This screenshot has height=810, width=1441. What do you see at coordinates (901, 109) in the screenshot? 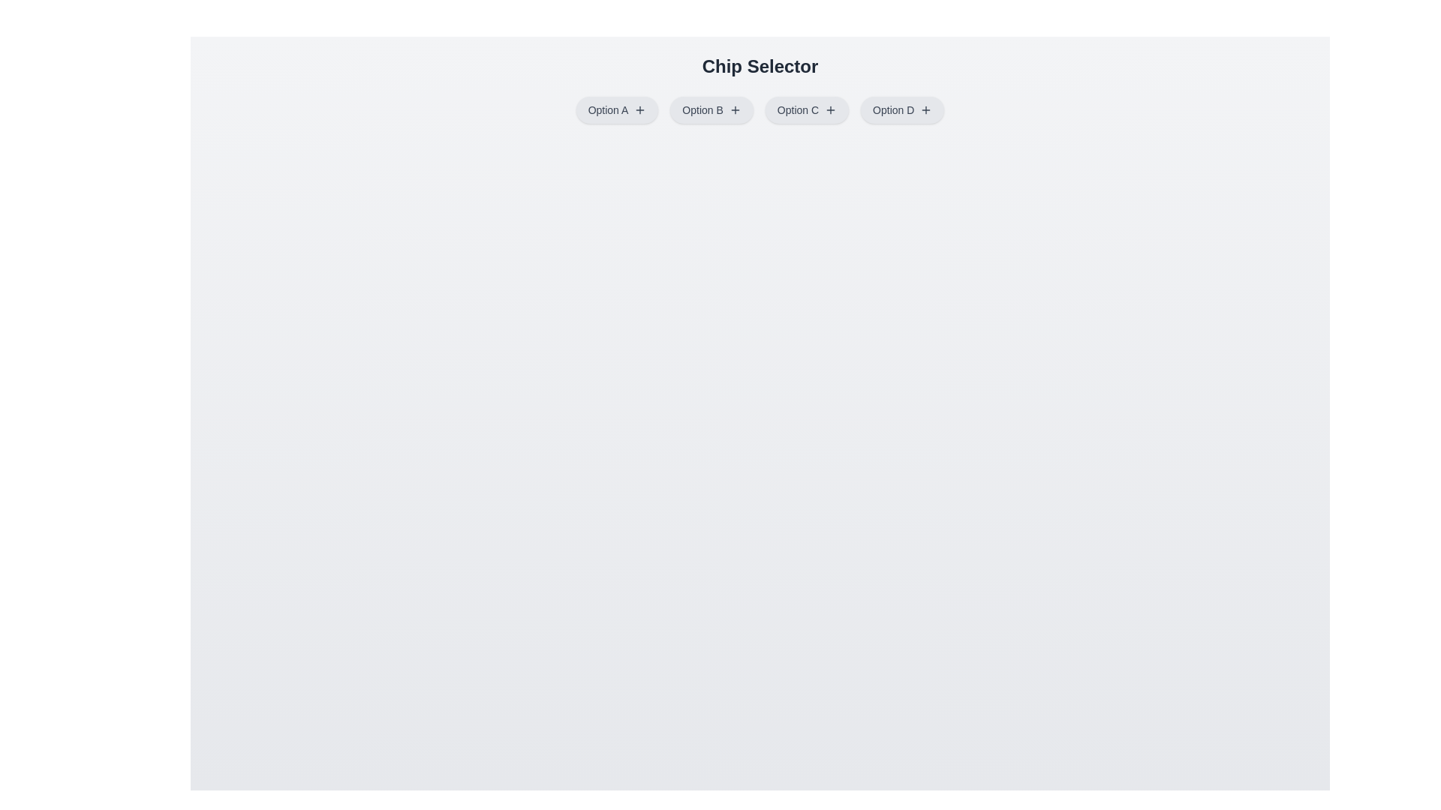
I see `the chip labeled Option D` at bounding box center [901, 109].